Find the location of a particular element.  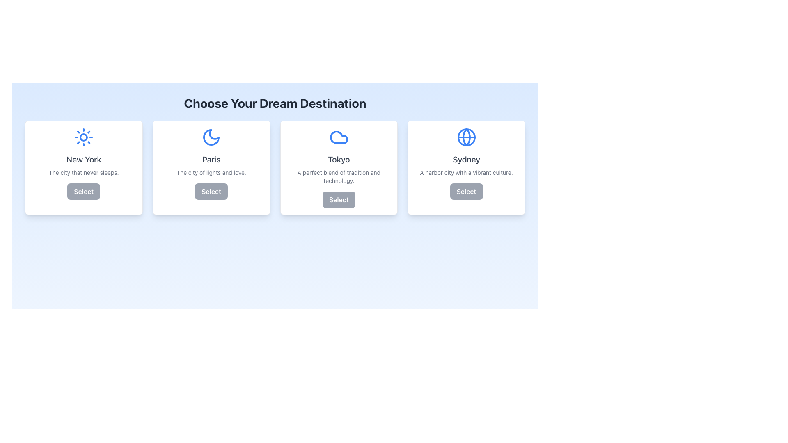

the text label that identifies the city represented by the card at the far-right end of a horizontal list of city cards is located at coordinates (466, 160).